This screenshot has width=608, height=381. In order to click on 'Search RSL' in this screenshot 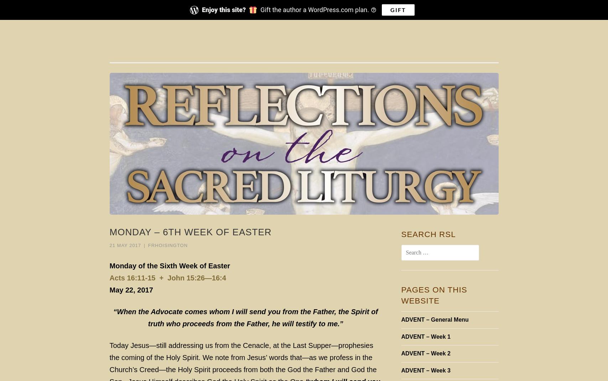, I will do `click(428, 234)`.